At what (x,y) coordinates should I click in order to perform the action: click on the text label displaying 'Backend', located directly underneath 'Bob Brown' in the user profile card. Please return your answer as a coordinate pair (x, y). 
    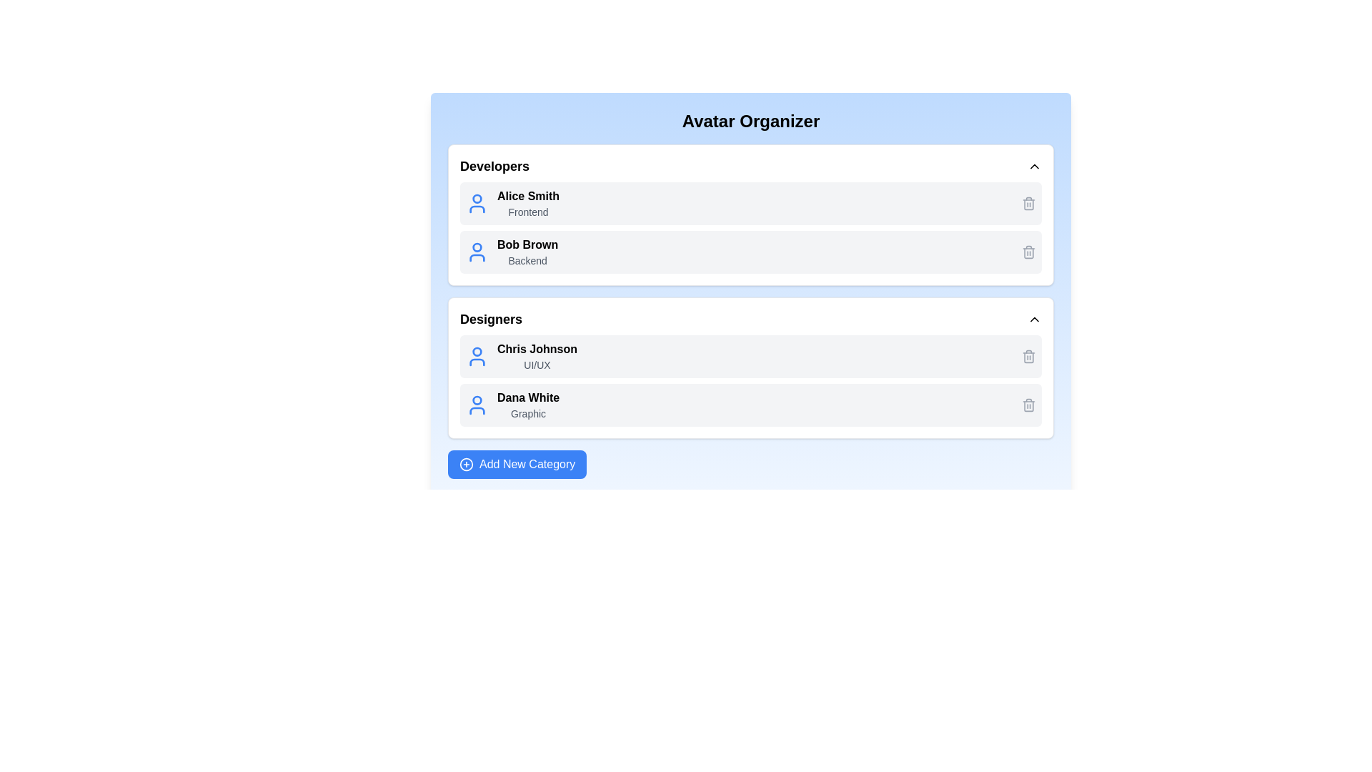
    Looking at the image, I should click on (527, 261).